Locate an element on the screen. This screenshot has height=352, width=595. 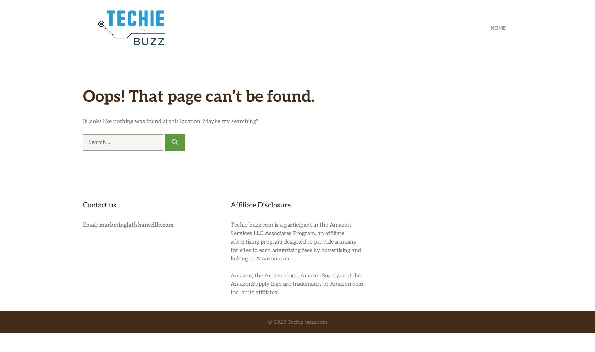
'It looks like nothing was found at this location. Maybe try searching?' is located at coordinates (170, 121).